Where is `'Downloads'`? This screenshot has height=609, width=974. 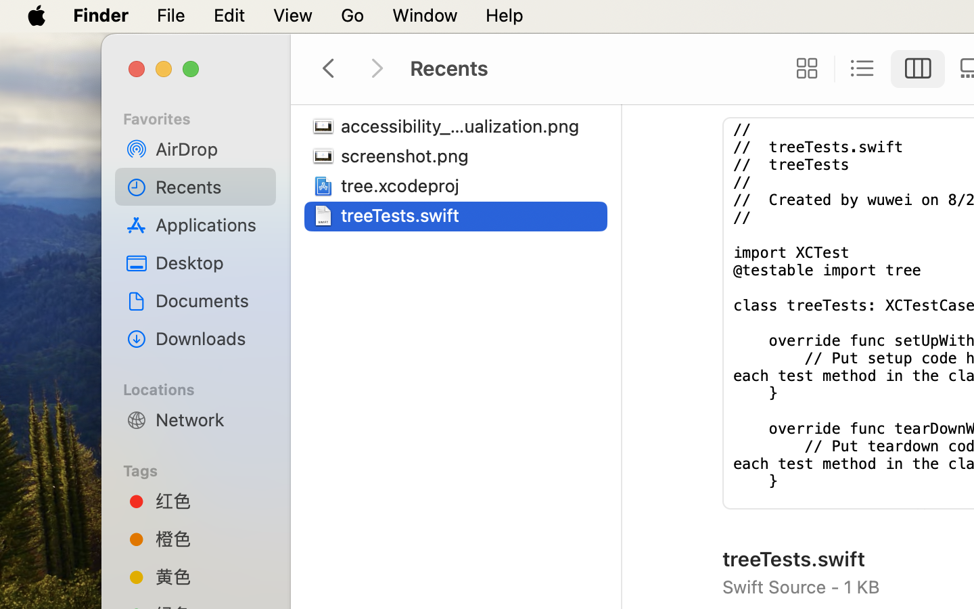 'Downloads' is located at coordinates (210, 338).